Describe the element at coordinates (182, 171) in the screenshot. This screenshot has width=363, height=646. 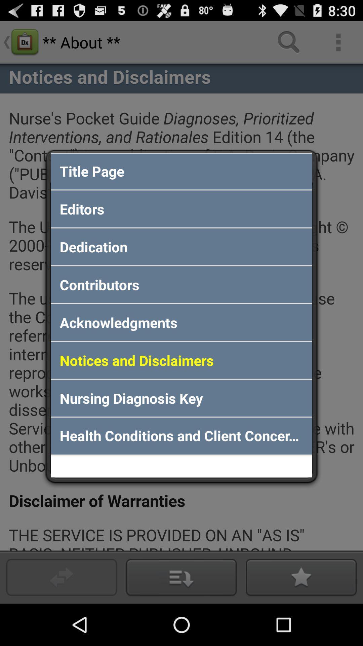
I see `icon above editors item` at that location.